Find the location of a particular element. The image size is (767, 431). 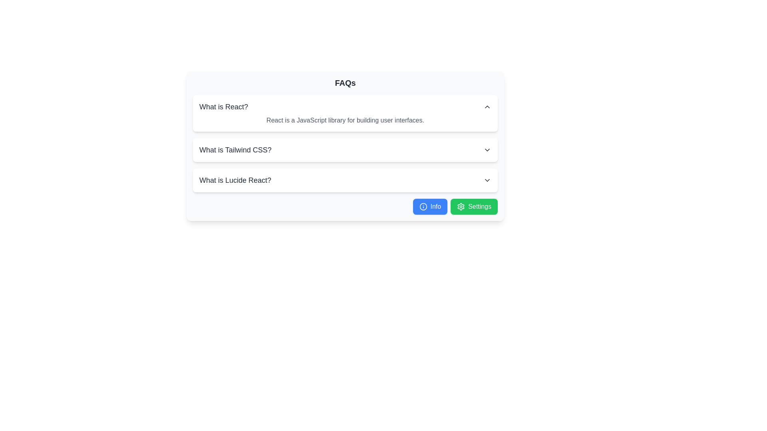

the question title in the Expandable List is located at coordinates (345, 143).